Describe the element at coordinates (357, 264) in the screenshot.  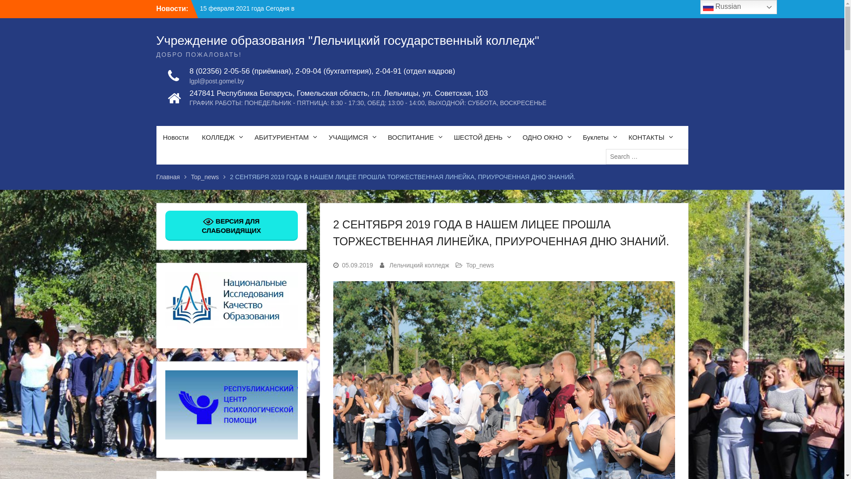
I see `'05.09.2019'` at that location.